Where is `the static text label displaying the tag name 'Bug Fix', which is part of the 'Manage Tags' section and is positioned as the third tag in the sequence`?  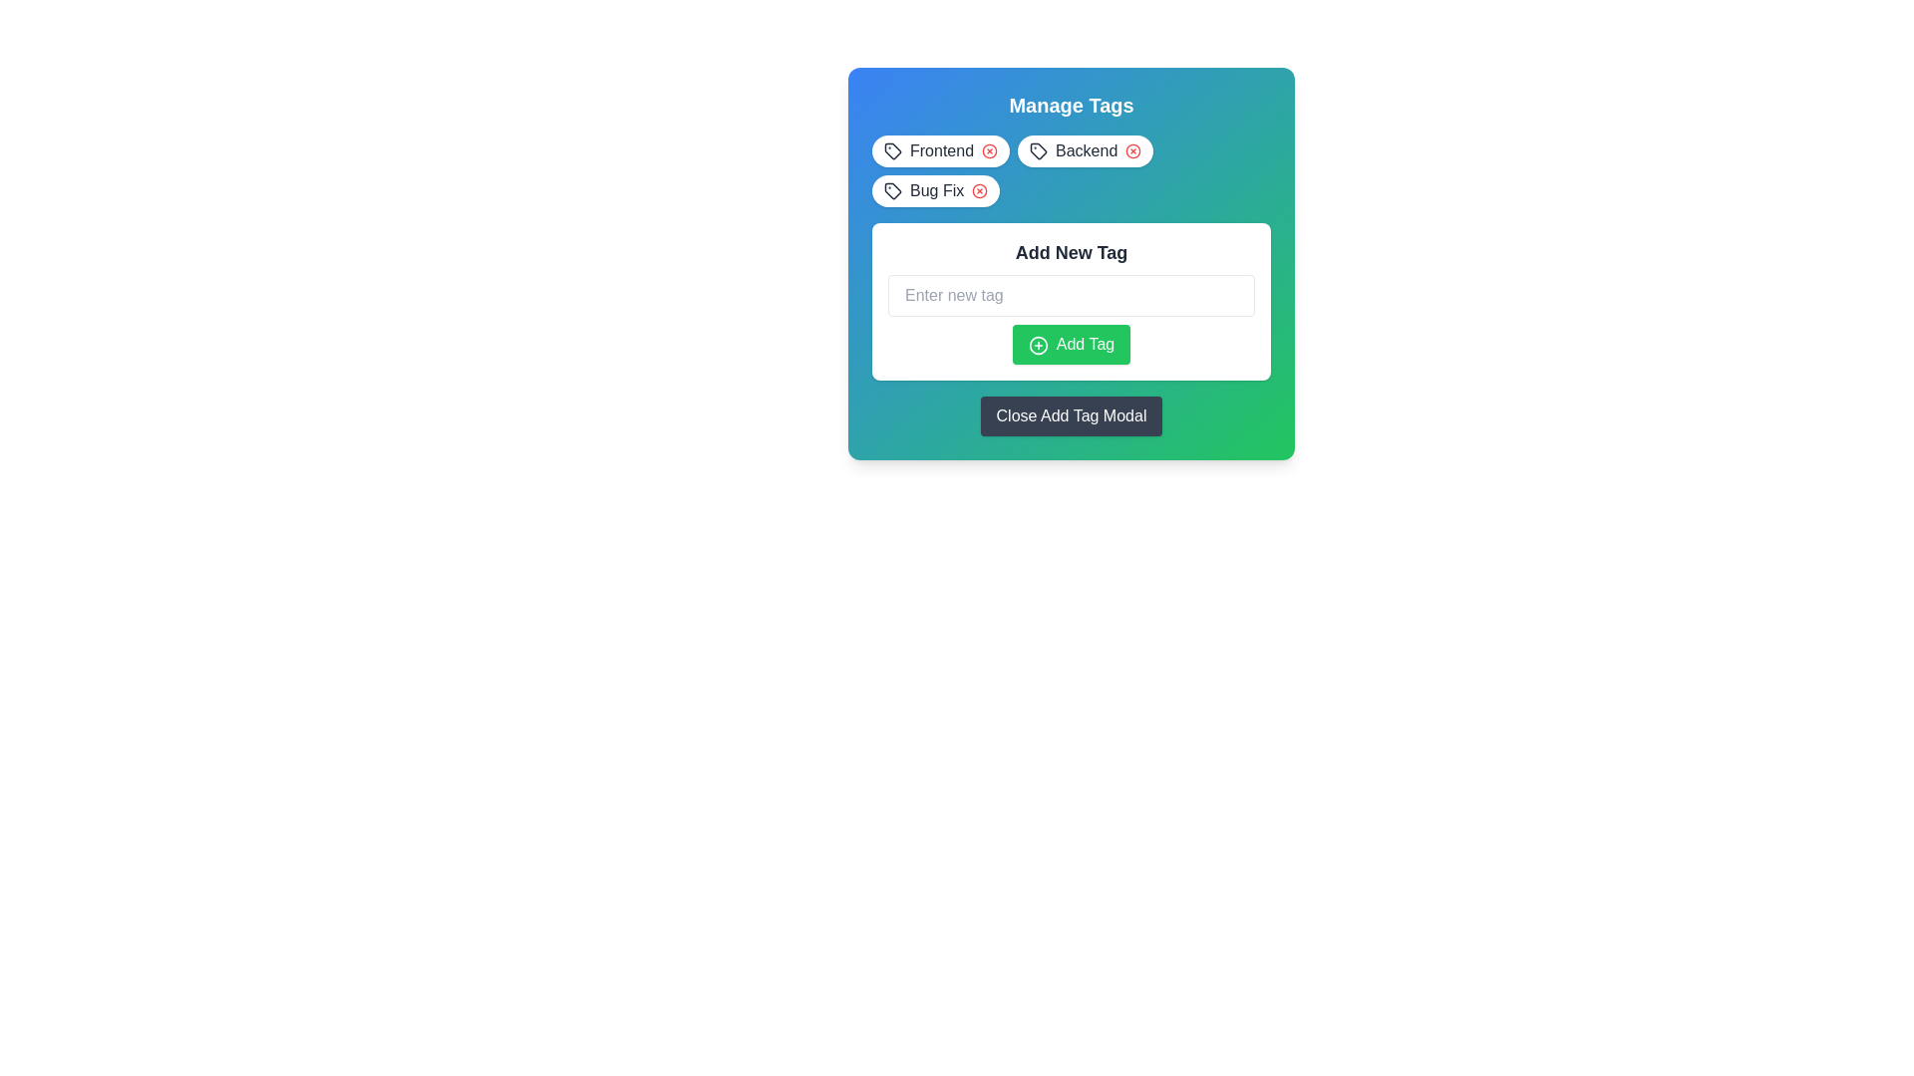 the static text label displaying the tag name 'Bug Fix', which is part of the 'Manage Tags' section and is positioned as the third tag in the sequence is located at coordinates (936, 191).